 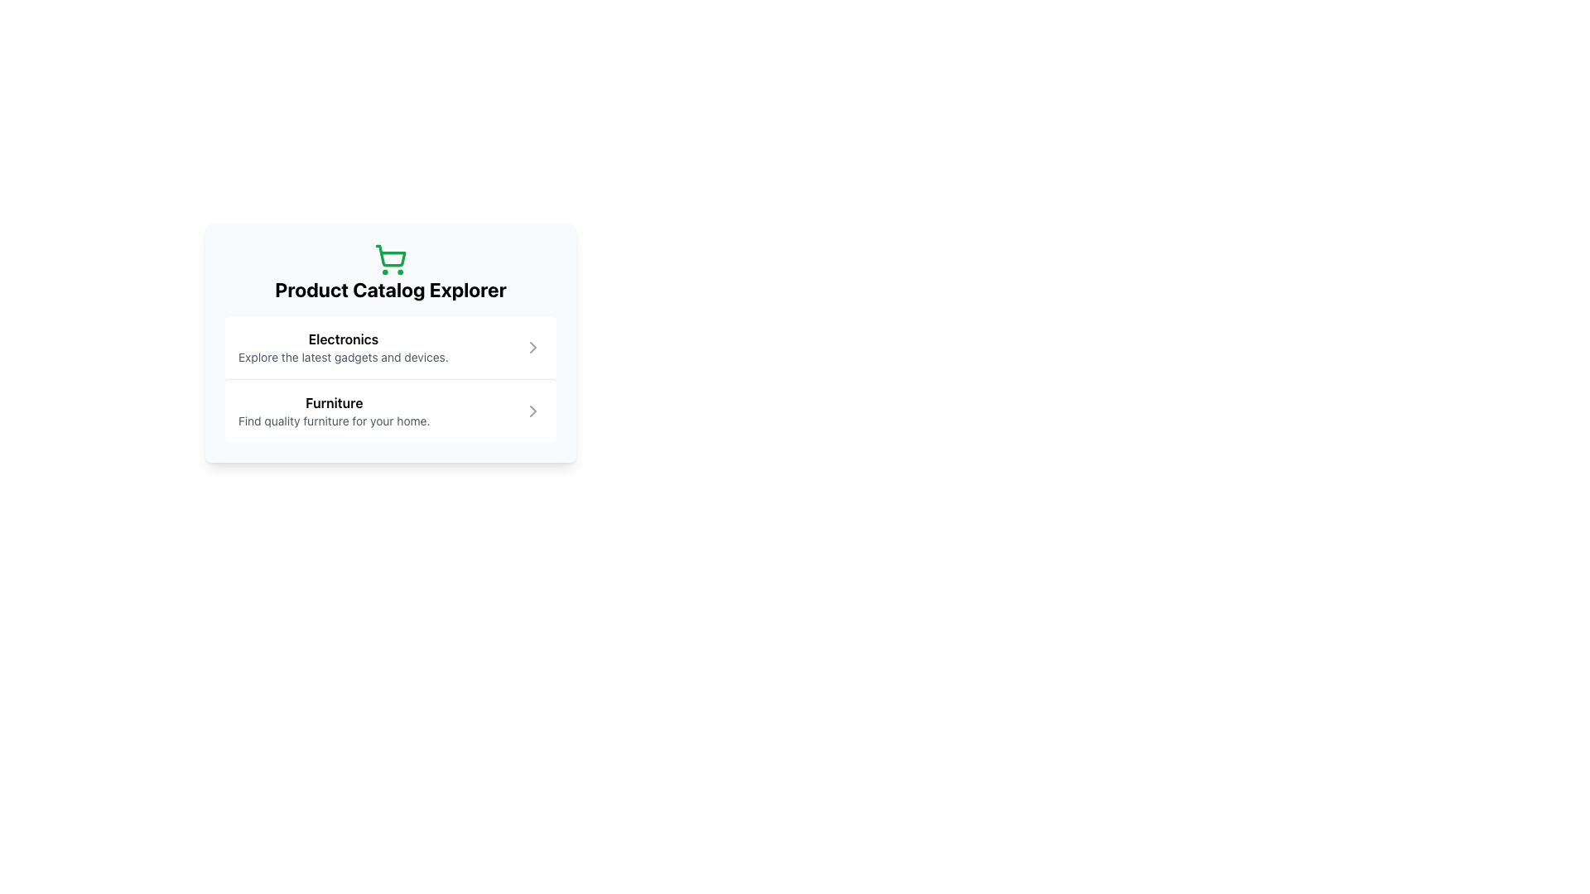 I want to click on the selectable list item component labeled 'Furniture' in the Product Catalog Explorer, so click(x=389, y=410).